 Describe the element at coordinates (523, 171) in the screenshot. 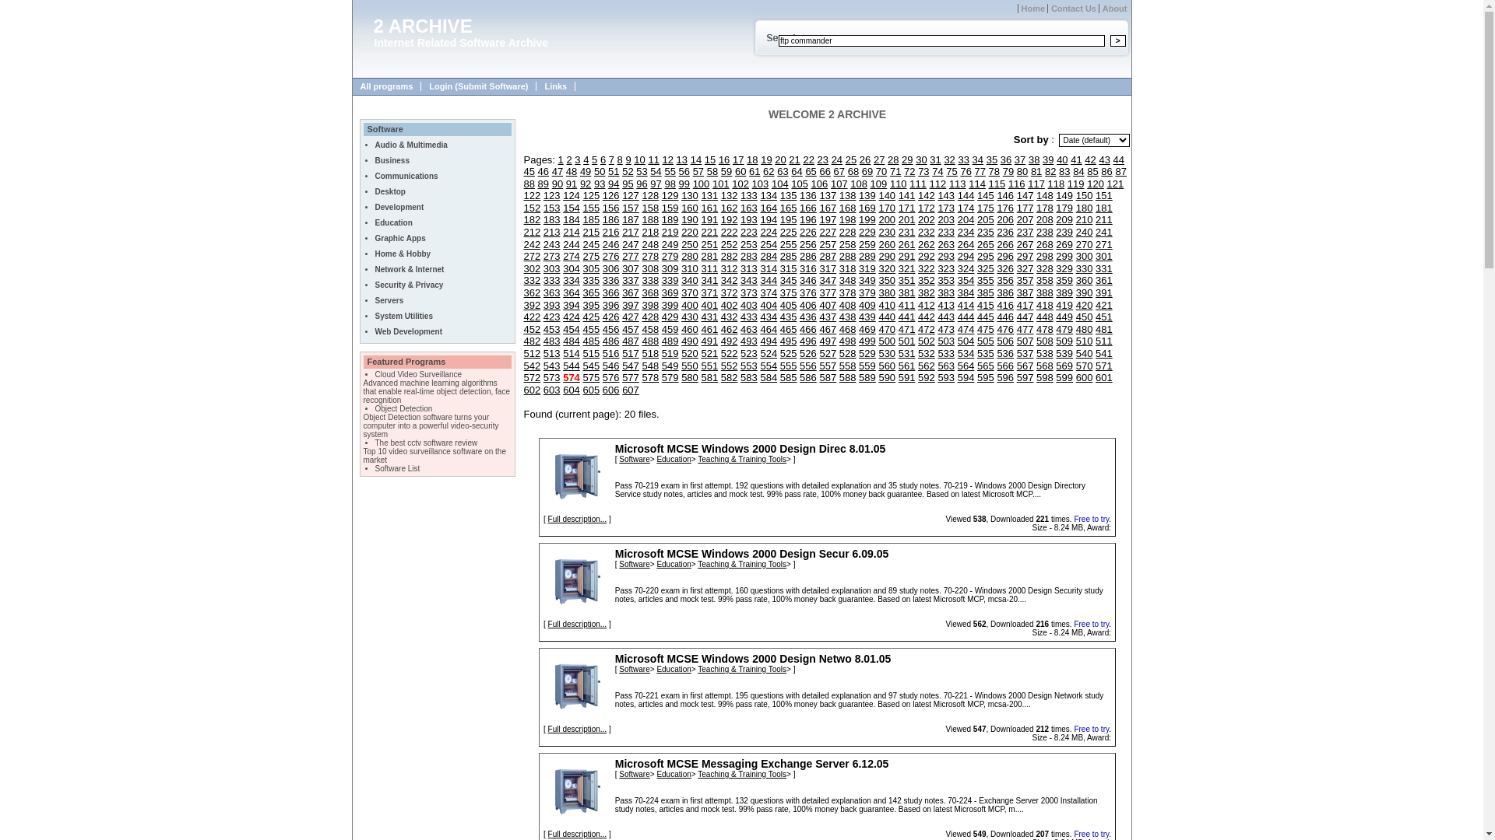

I see `'45'` at that location.